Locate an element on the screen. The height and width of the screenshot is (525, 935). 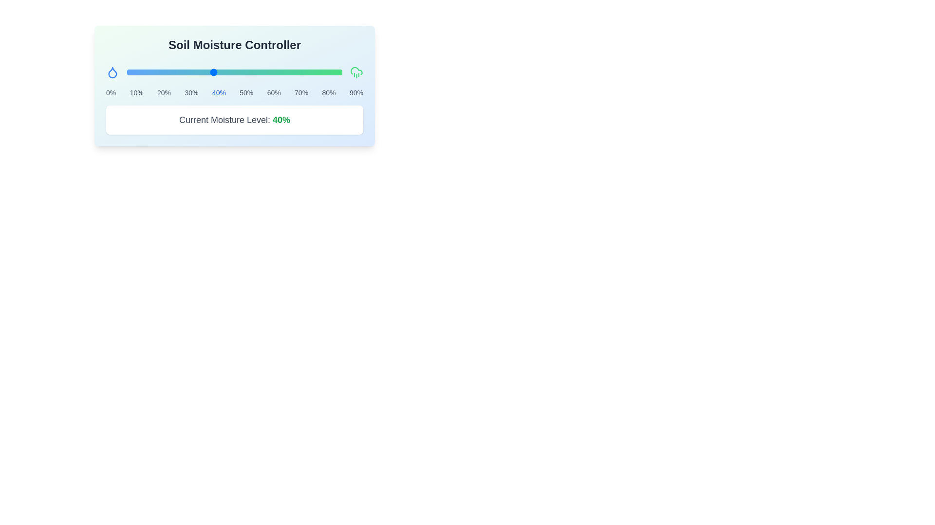
the slider to set the moisture level to 32% is located at coordinates (195, 72).